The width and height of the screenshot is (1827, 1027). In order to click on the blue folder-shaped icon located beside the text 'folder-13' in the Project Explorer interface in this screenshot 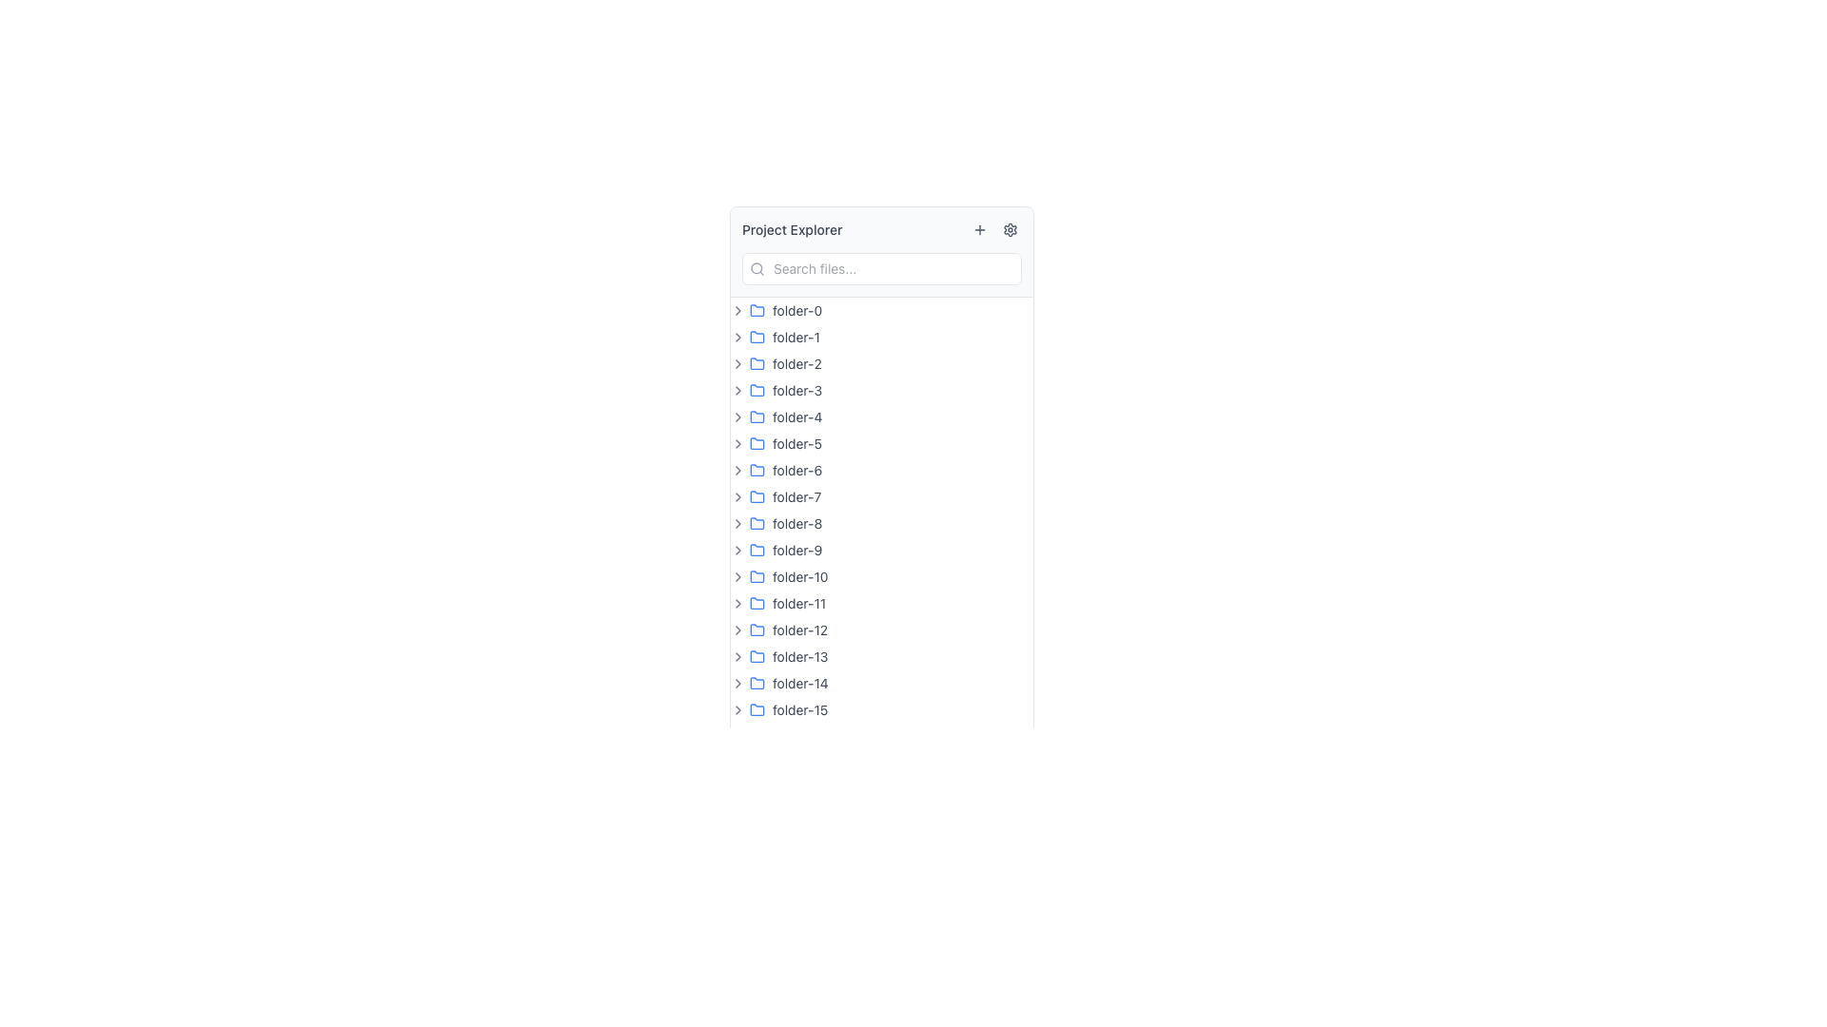, I will do `click(756, 655)`.